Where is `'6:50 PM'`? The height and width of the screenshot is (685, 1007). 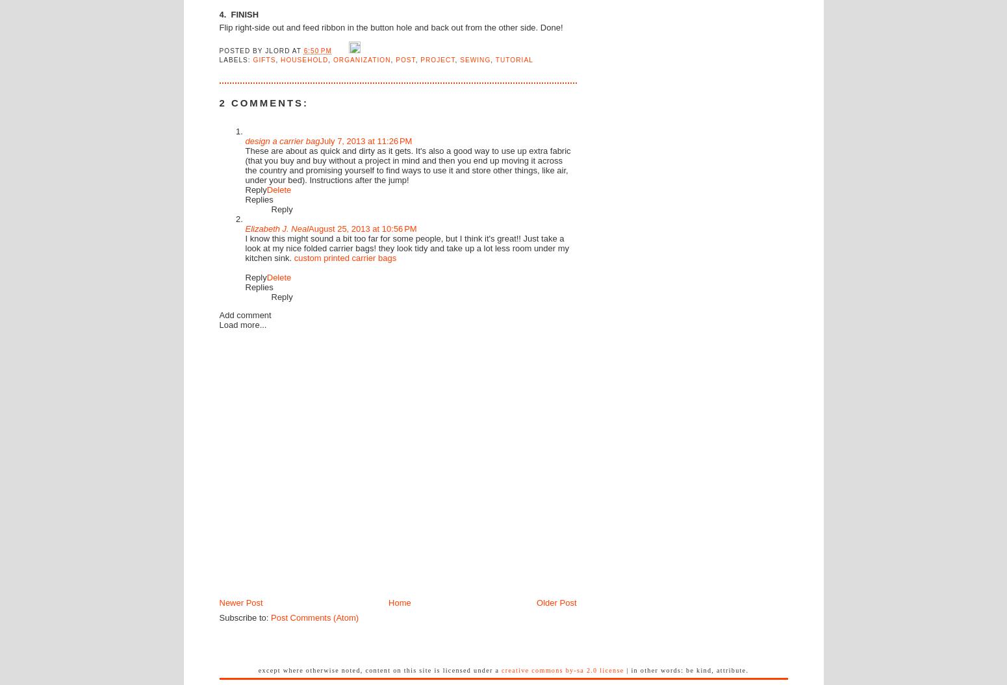
'6:50 PM' is located at coordinates (317, 49).